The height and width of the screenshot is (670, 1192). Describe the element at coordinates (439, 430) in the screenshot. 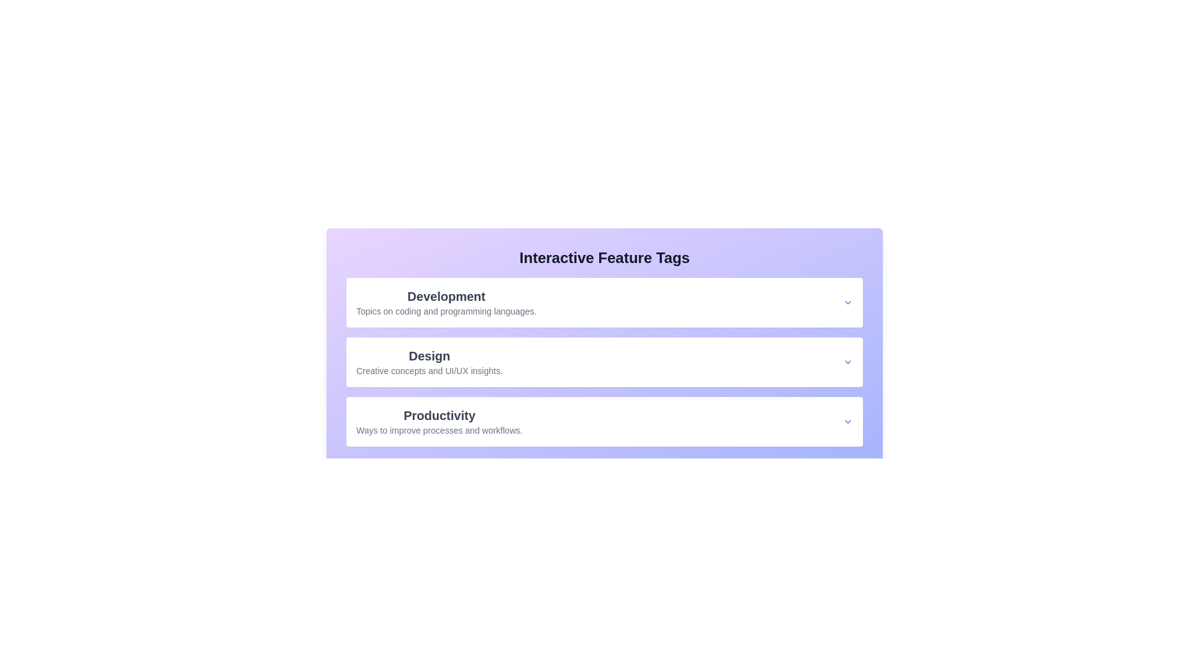

I see `descriptive text that serves as a subtitle below the 'Productivity' header, providing additional context` at that location.